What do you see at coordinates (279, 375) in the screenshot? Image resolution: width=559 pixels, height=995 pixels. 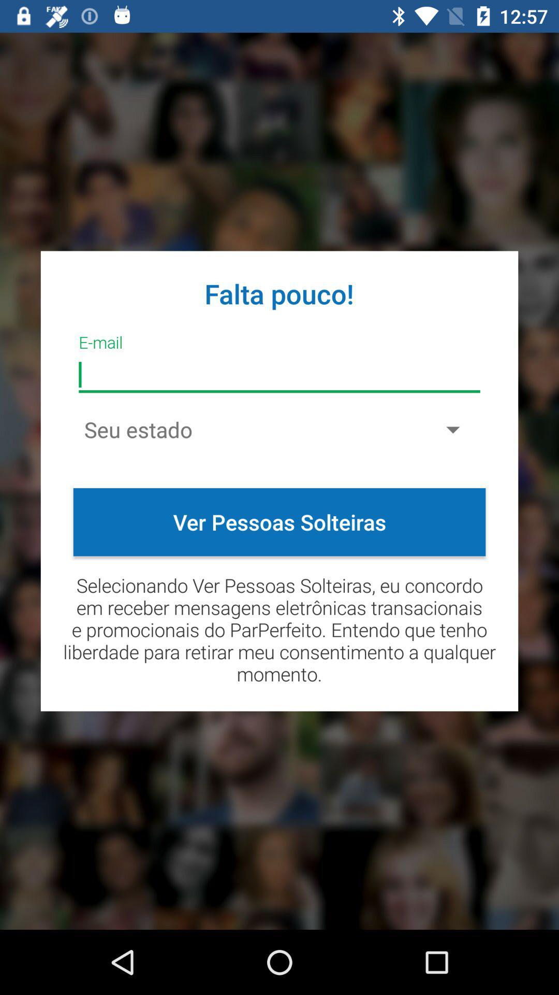 I see `e-mail address` at bounding box center [279, 375].